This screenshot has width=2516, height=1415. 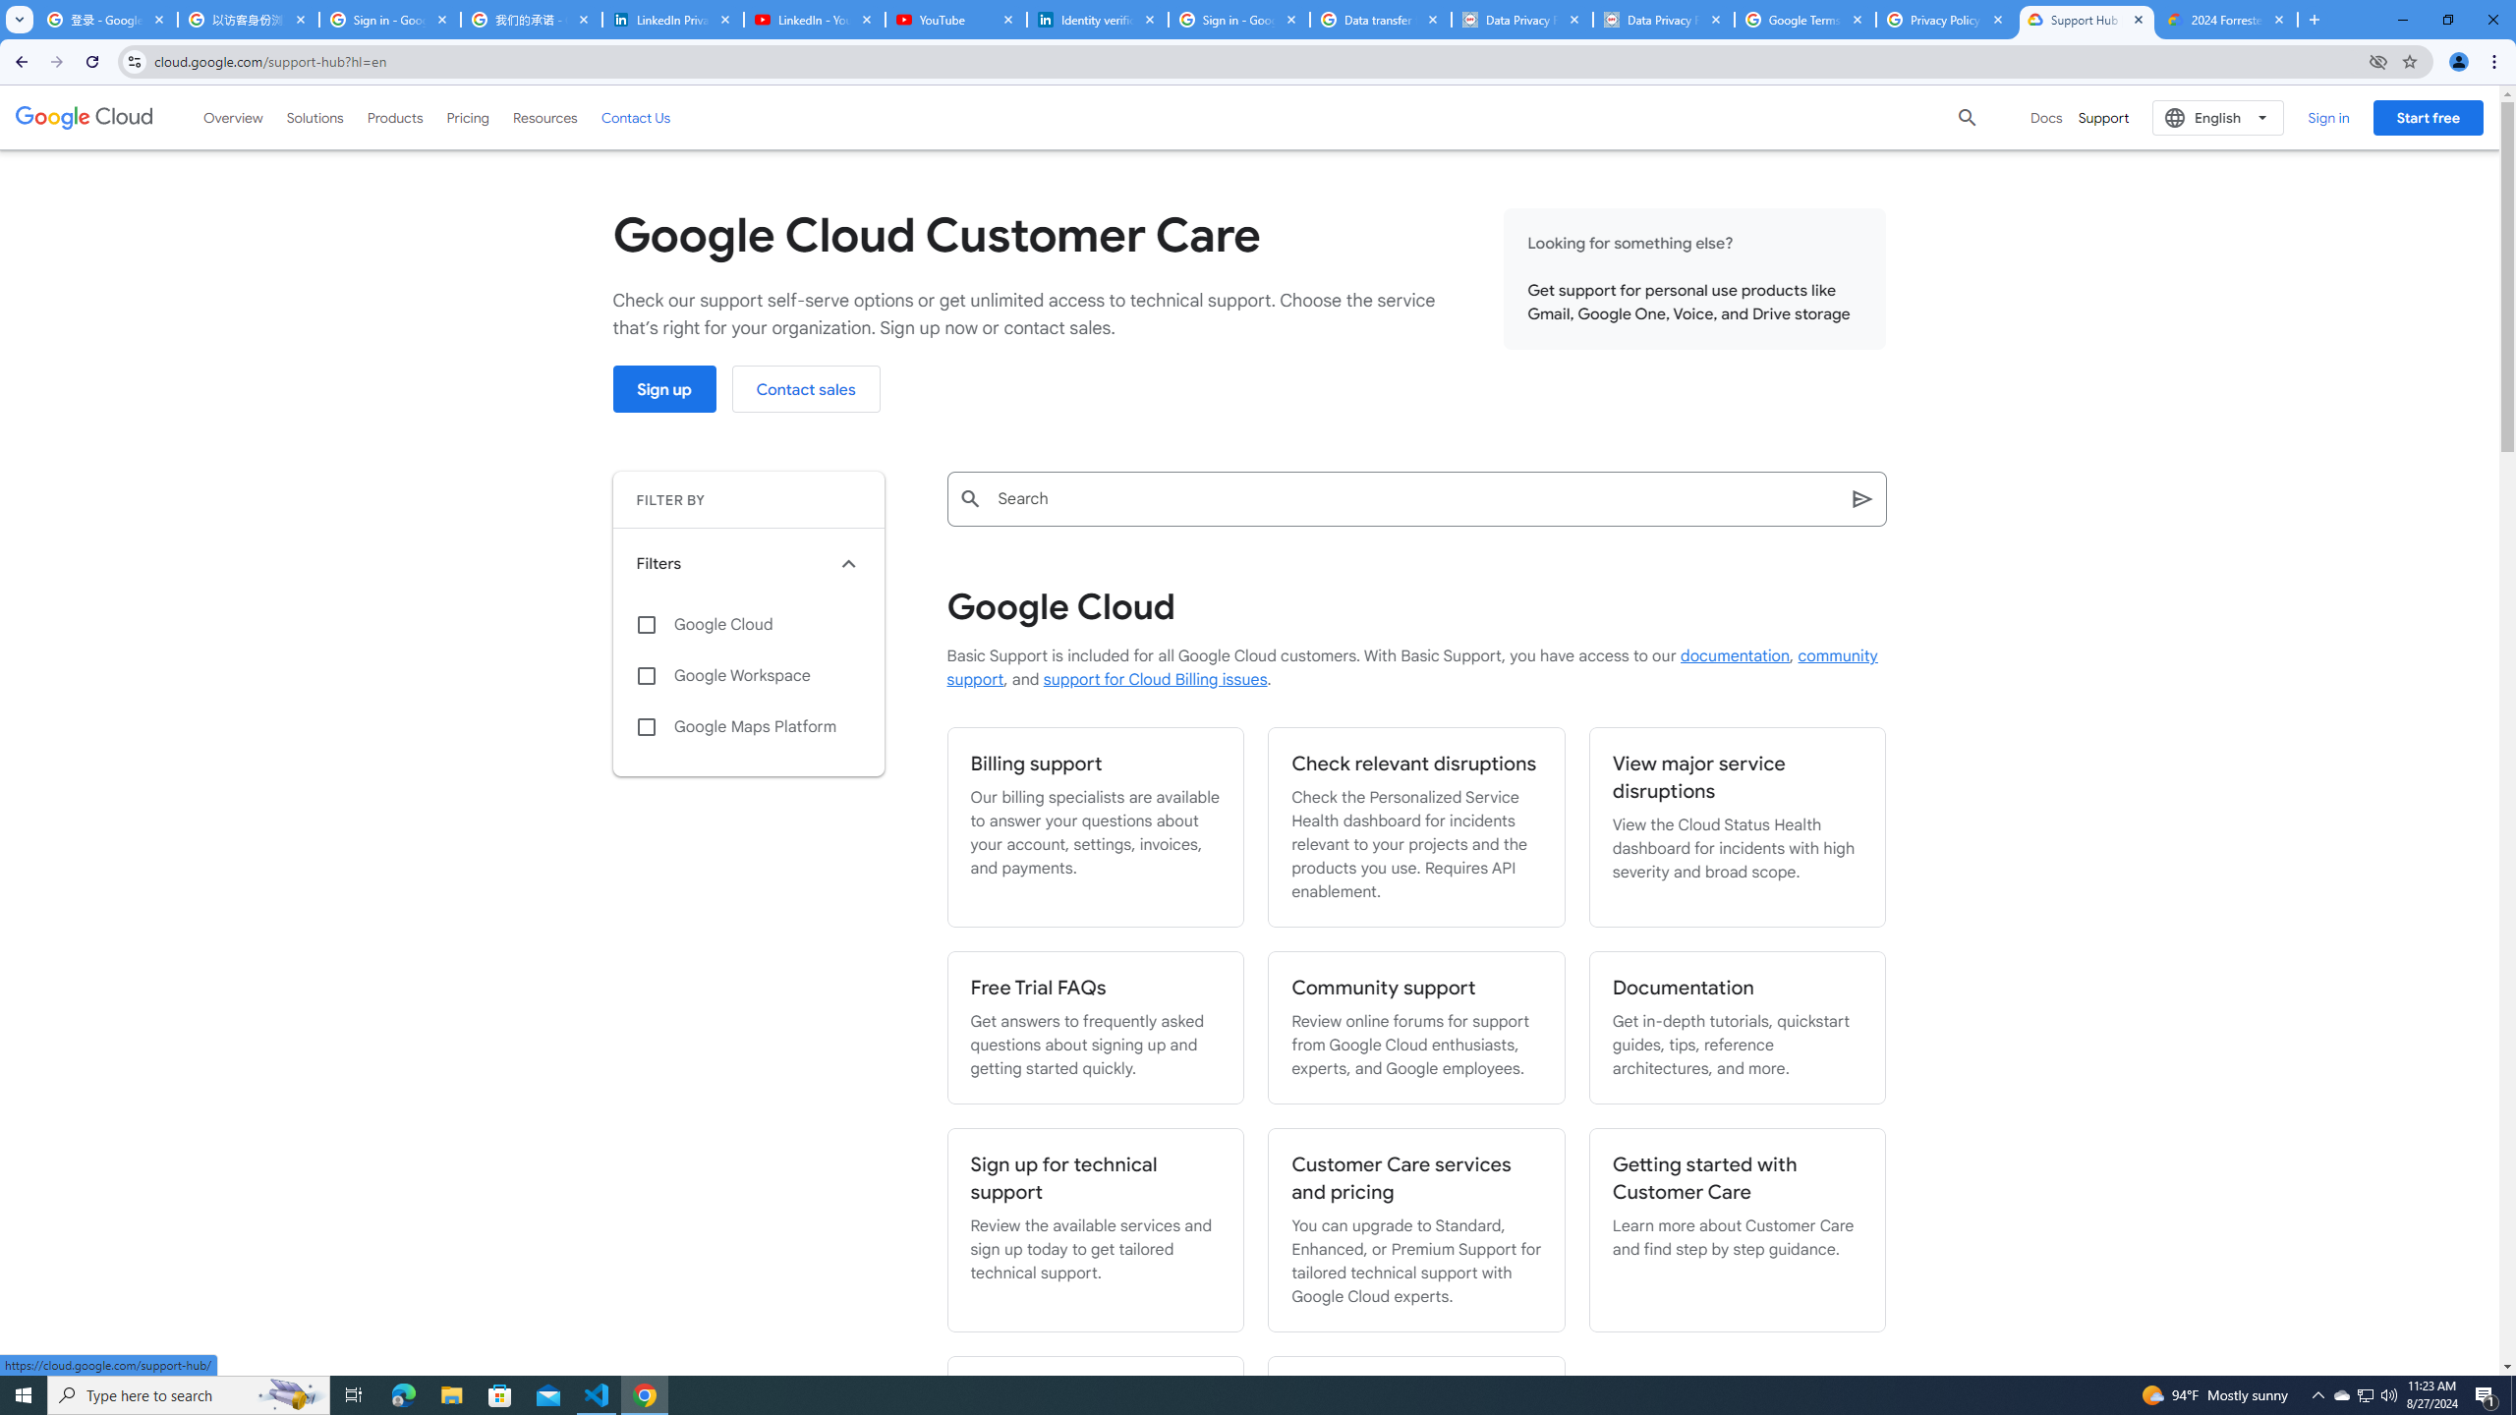 I want to click on 'Sign in', so click(x=2327, y=116).